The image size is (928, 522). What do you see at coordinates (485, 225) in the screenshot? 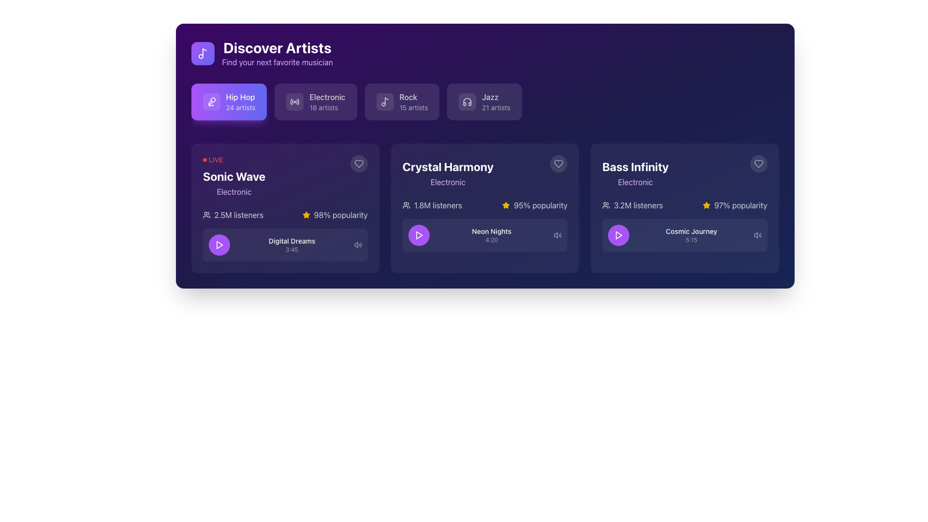
I see `the interactive card representing a music track in the 'Crystal Harmony' section for more details` at bounding box center [485, 225].